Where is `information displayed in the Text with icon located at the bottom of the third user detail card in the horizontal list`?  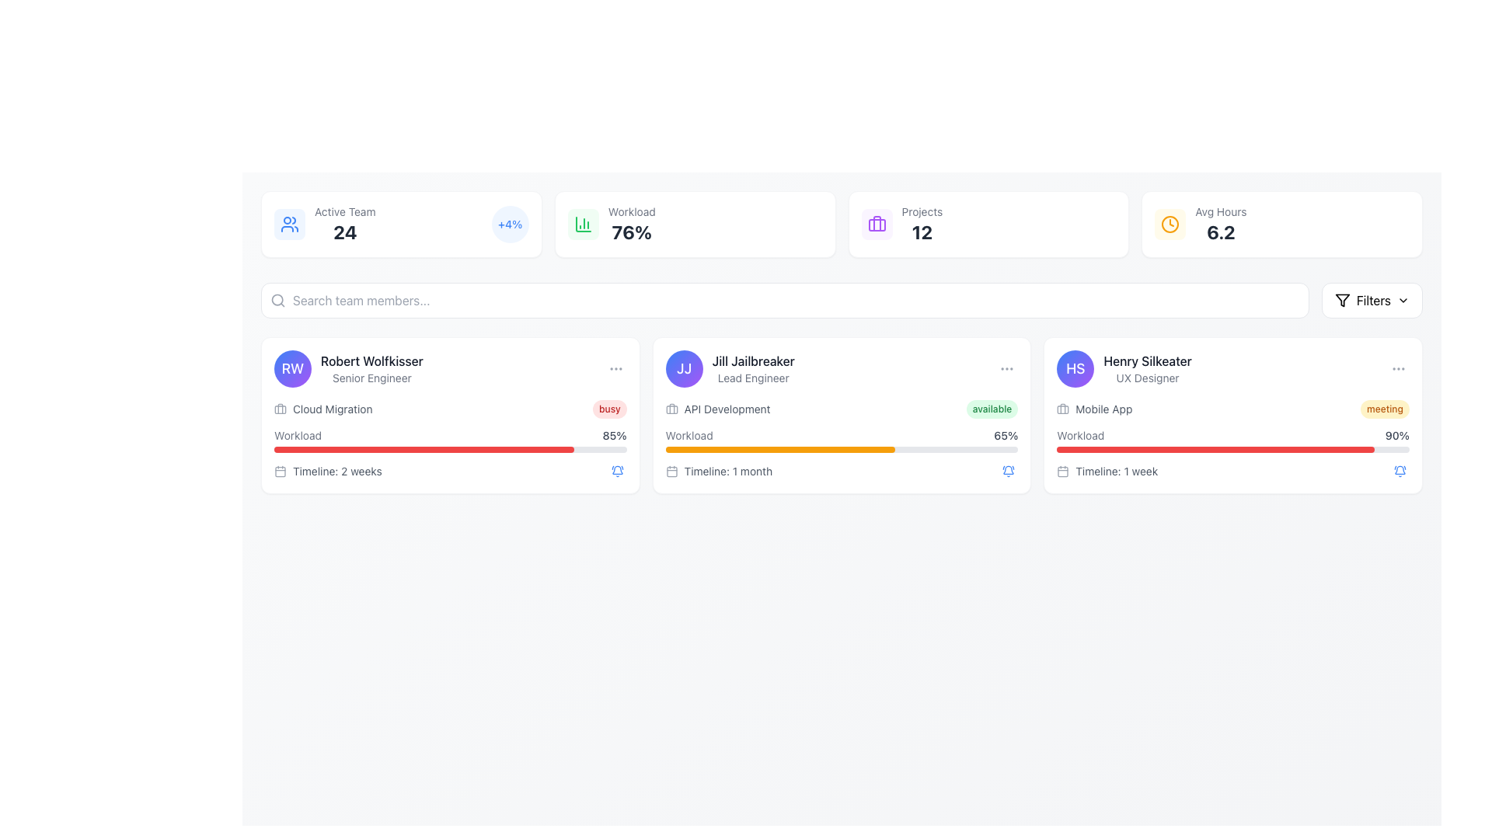
information displayed in the Text with icon located at the bottom of the third user detail card in the horizontal list is located at coordinates (1107, 470).